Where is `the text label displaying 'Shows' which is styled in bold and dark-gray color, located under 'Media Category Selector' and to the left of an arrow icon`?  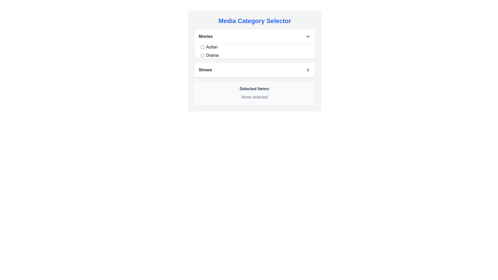 the text label displaying 'Shows' which is styled in bold and dark-gray color, located under 'Media Category Selector' and to the left of an arrow icon is located at coordinates (205, 70).